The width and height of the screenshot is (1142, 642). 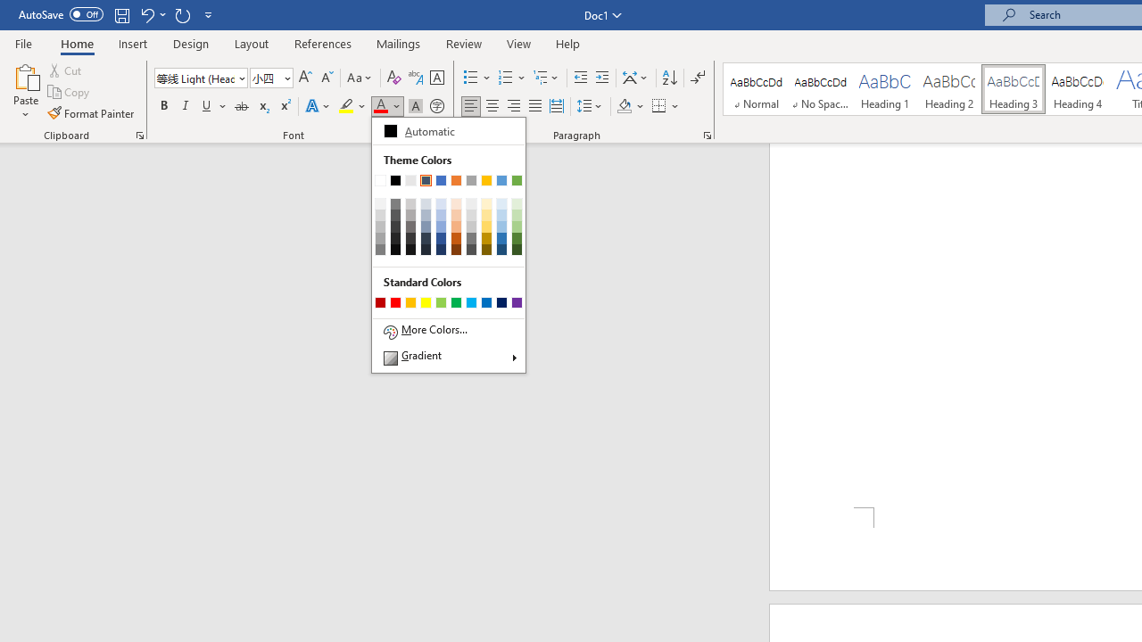 I want to click on 'Copy', so click(x=70, y=92).